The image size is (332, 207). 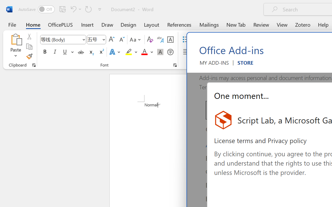 What do you see at coordinates (111, 40) in the screenshot?
I see `'Grow Font'` at bounding box center [111, 40].